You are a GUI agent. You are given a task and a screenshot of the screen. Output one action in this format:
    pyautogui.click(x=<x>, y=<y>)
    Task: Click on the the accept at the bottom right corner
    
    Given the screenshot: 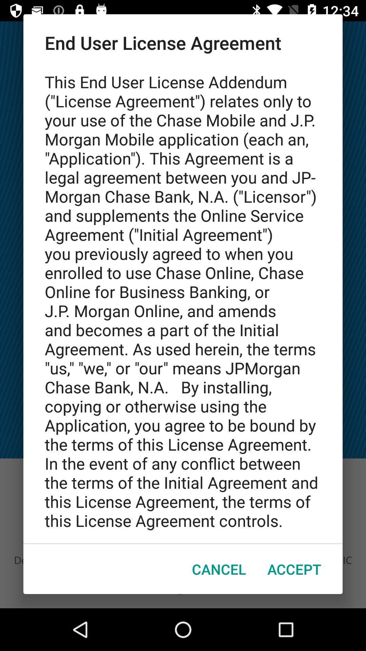 What is the action you would take?
    pyautogui.click(x=294, y=569)
    